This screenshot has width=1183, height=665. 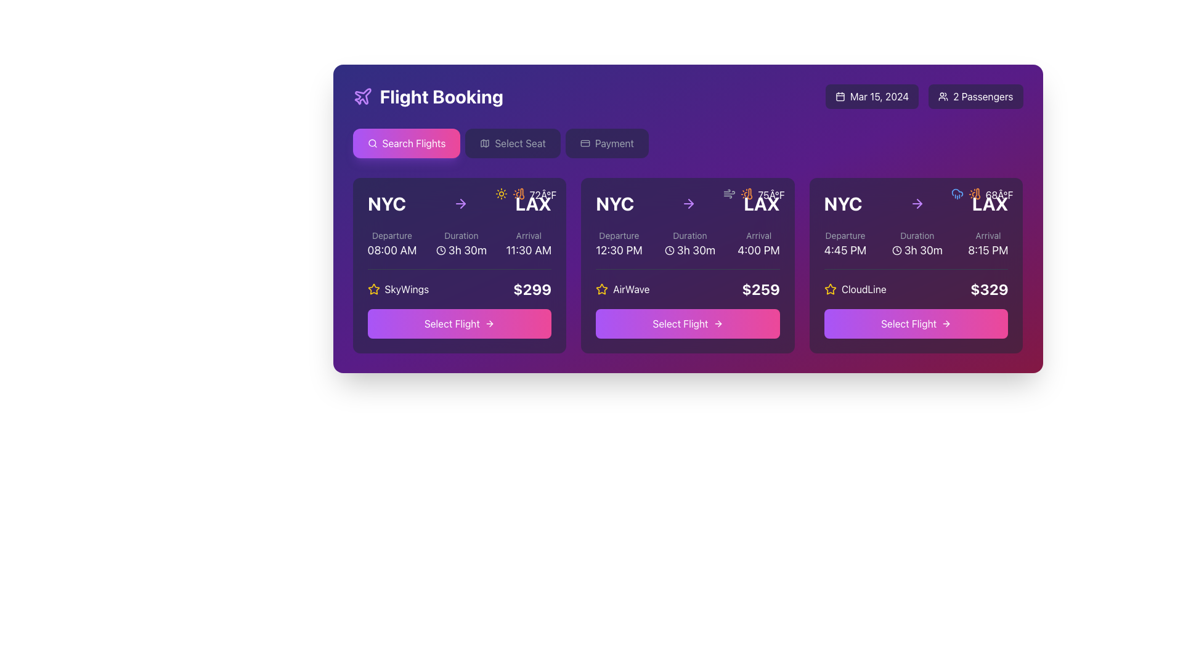 What do you see at coordinates (406, 142) in the screenshot?
I see `the 'Search Flights' button, which has a gradient background from purple to pink, white text, rounded corners, and a magnifying glass icon, located at the top-left under 'Flight Booking'` at bounding box center [406, 142].